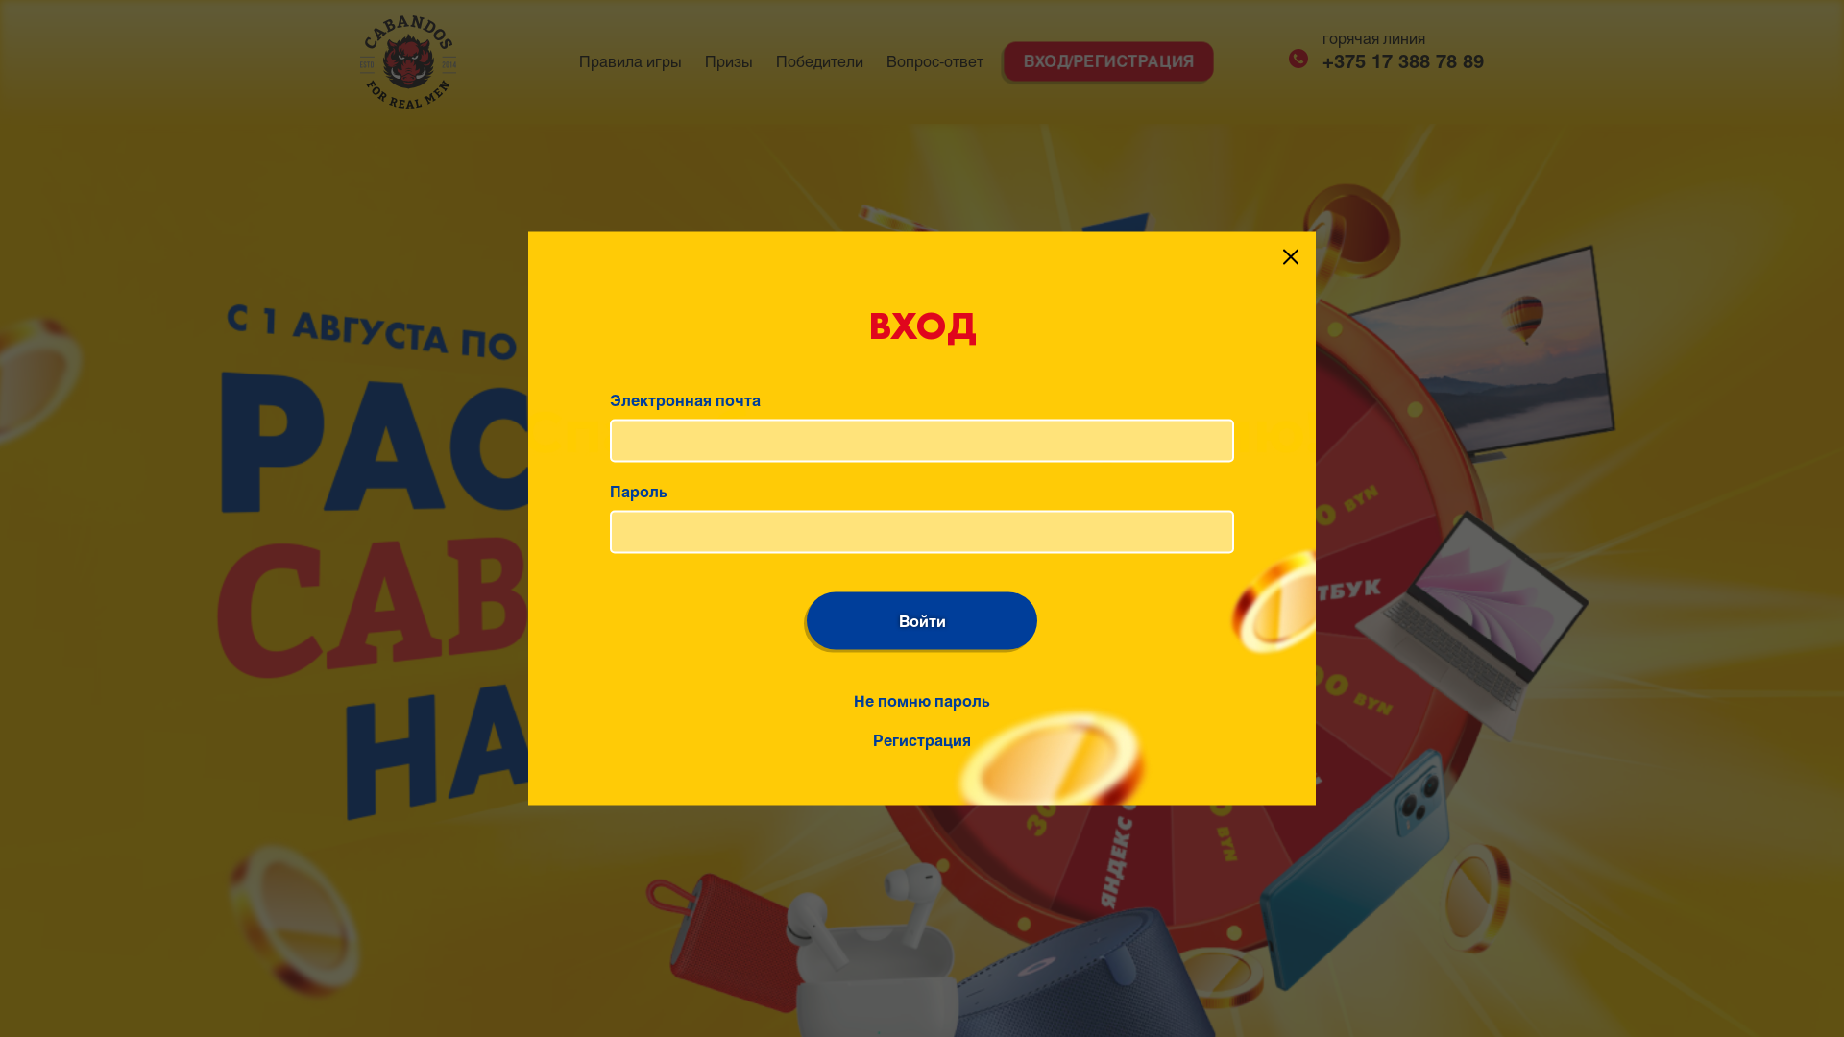  Describe the element at coordinates (1386, 60) in the screenshot. I see `'+375 17 388 78 89'` at that location.